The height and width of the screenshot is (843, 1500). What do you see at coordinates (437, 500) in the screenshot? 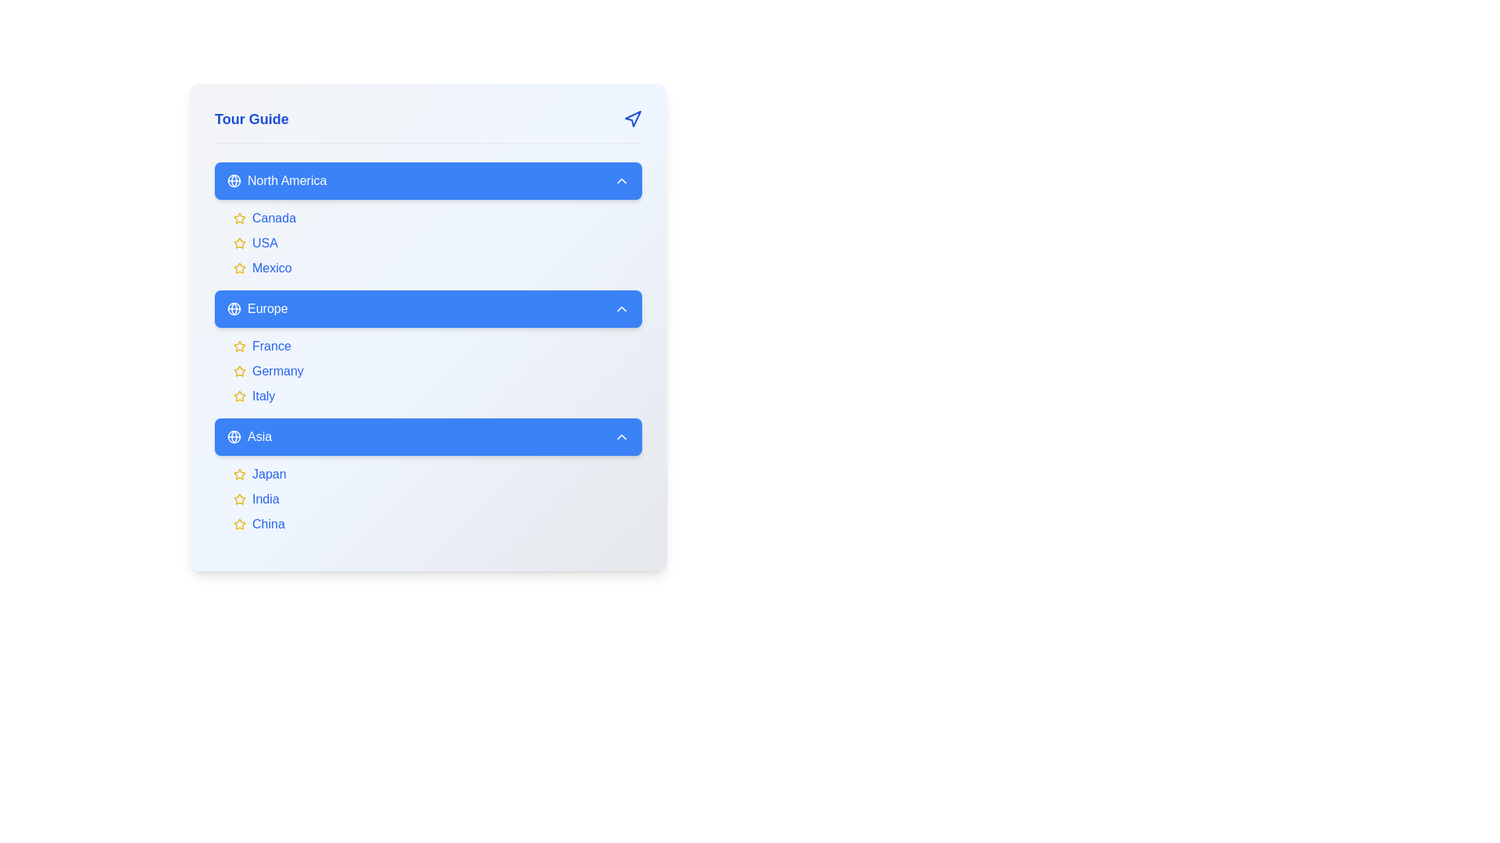
I see `the hyperlinked list item for 'India' located in the 'Asia' section of the 'Tour Guide' menu` at bounding box center [437, 500].